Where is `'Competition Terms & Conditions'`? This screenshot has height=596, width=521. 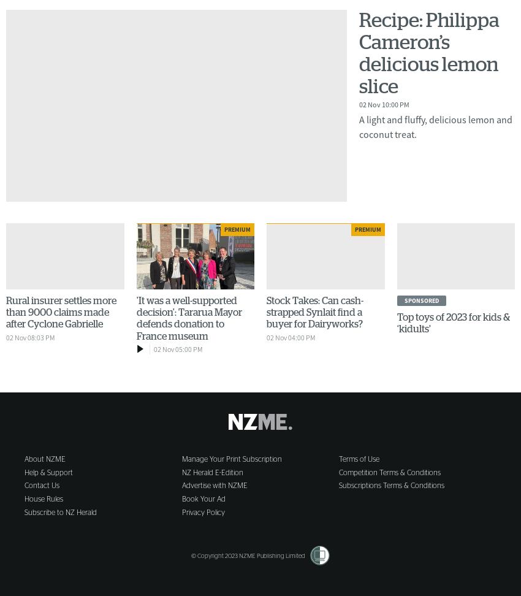 'Competition Terms & Conditions' is located at coordinates (389, 472).